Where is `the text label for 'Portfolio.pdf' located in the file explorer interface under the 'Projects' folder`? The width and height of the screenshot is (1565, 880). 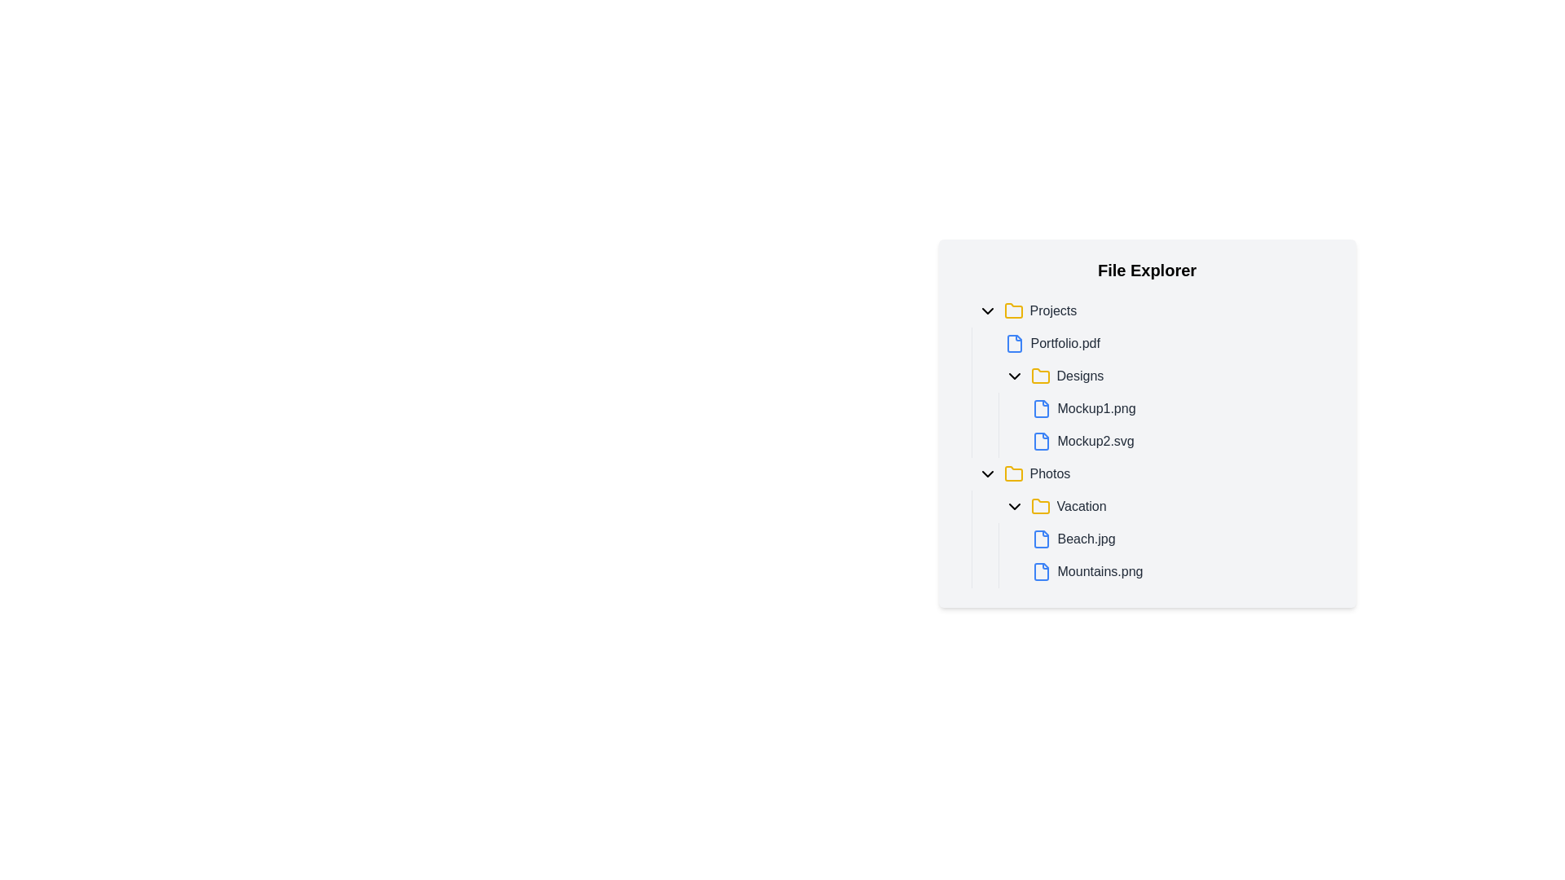 the text label for 'Portfolio.pdf' located in the file explorer interface under the 'Projects' folder is located at coordinates (1065, 342).